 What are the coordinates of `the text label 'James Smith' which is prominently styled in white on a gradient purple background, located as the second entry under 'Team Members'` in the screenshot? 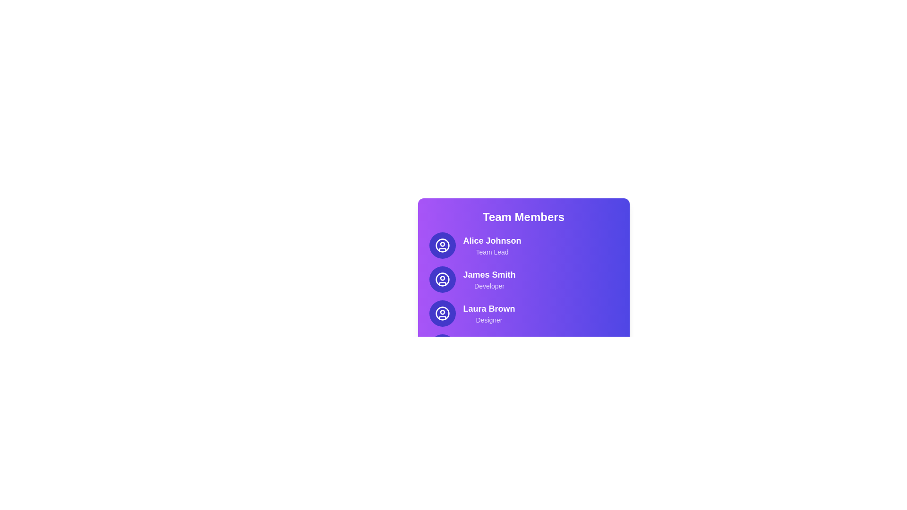 It's located at (489, 275).